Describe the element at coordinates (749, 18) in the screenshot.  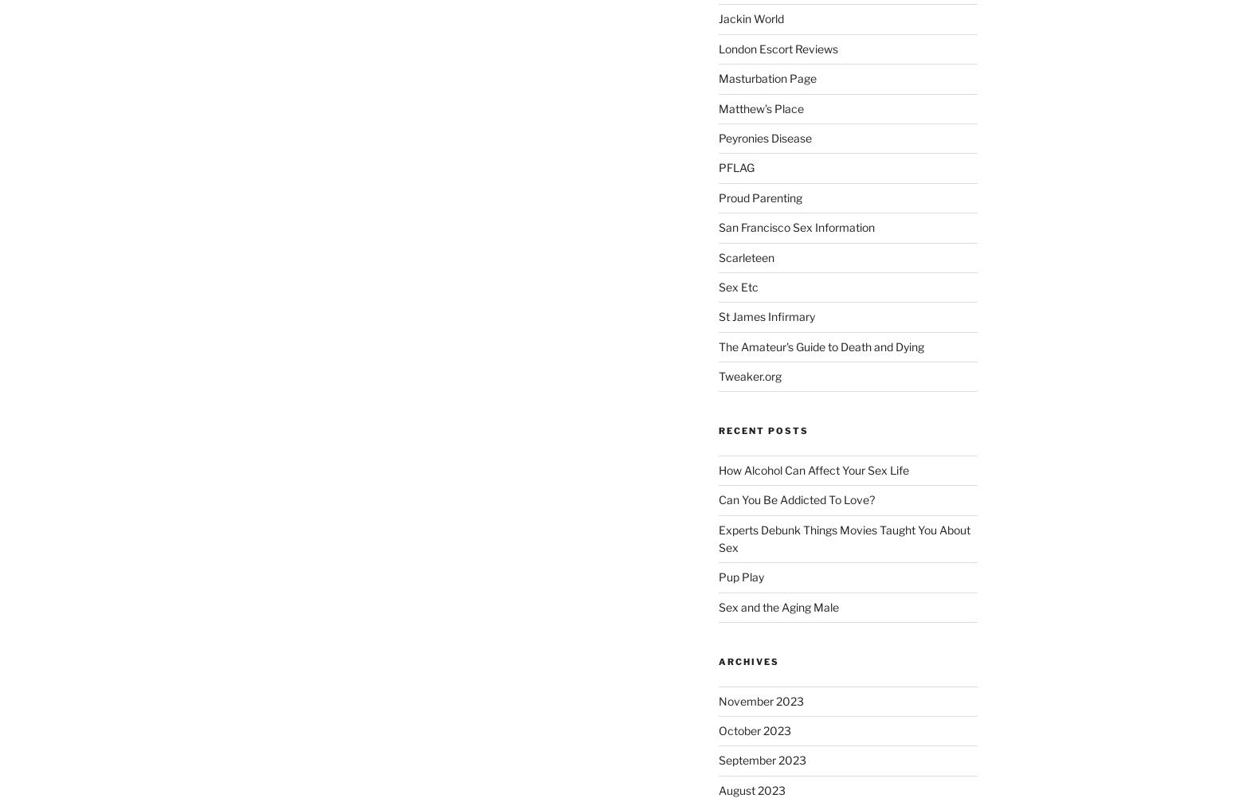
I see `'Jackin World'` at that location.